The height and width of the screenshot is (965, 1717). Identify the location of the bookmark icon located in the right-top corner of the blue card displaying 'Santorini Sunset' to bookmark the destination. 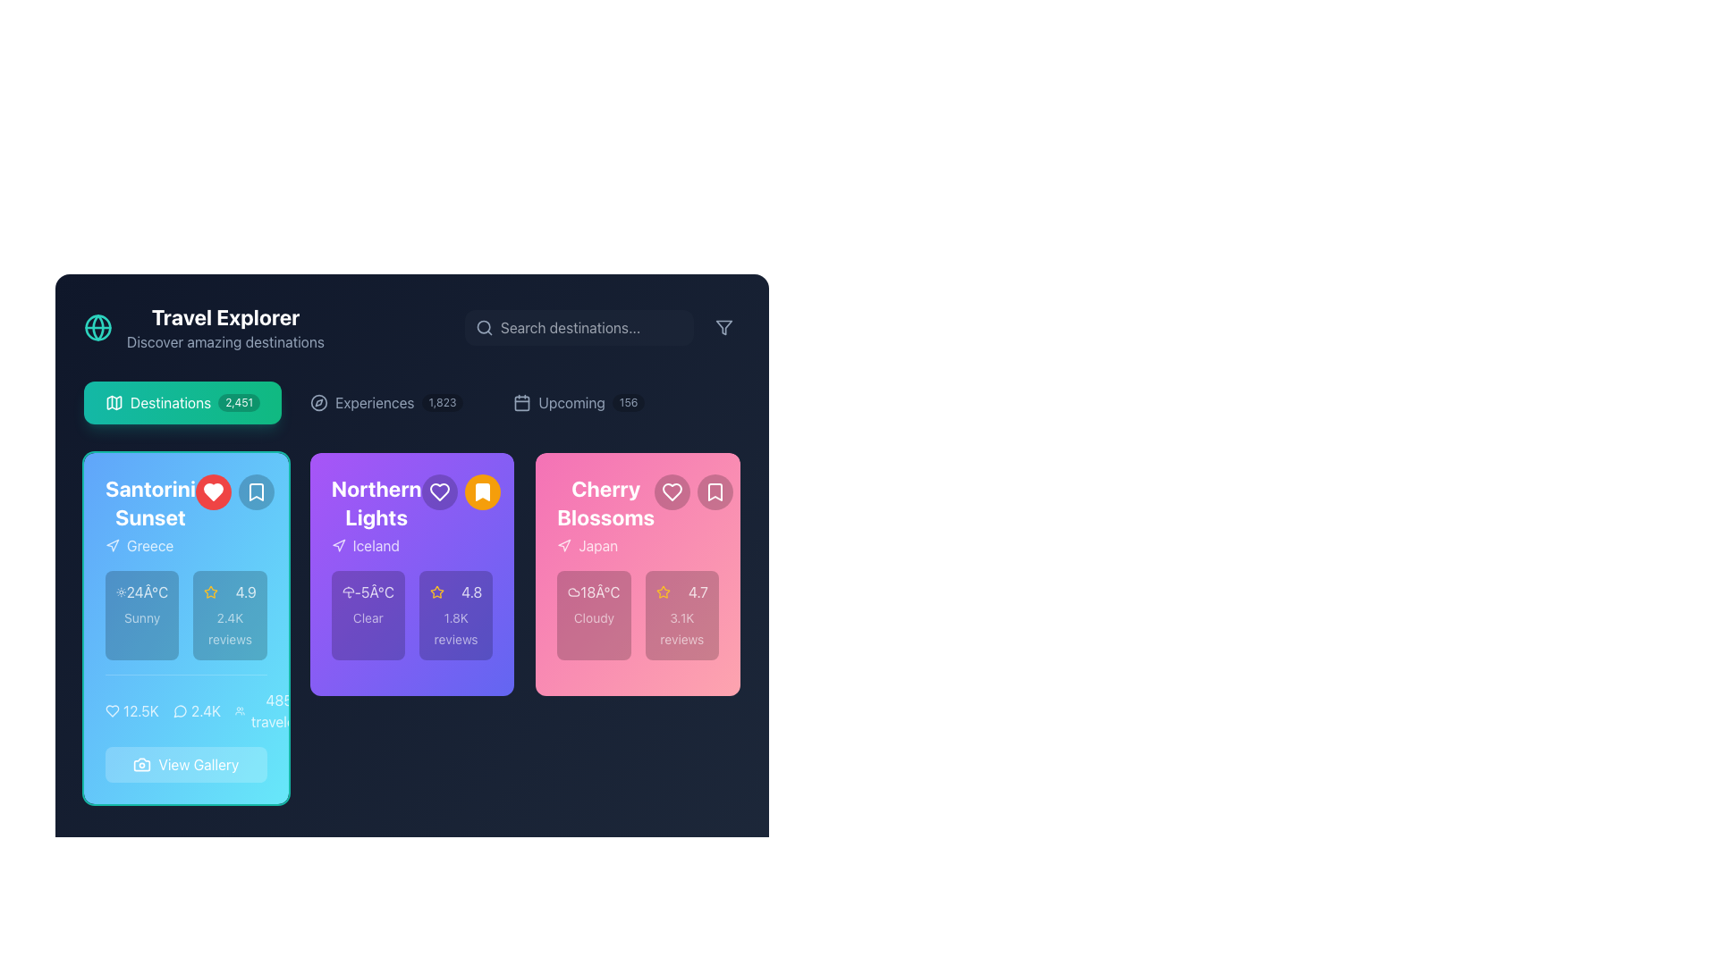
(255, 492).